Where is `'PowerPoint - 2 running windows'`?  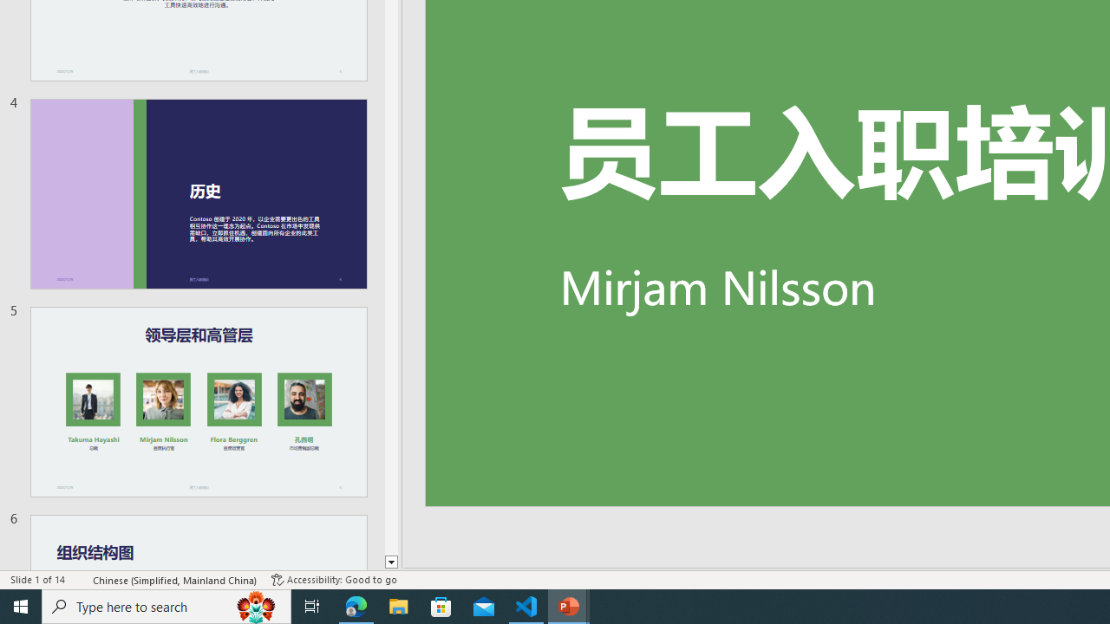
'PowerPoint - 2 running windows' is located at coordinates (569, 605).